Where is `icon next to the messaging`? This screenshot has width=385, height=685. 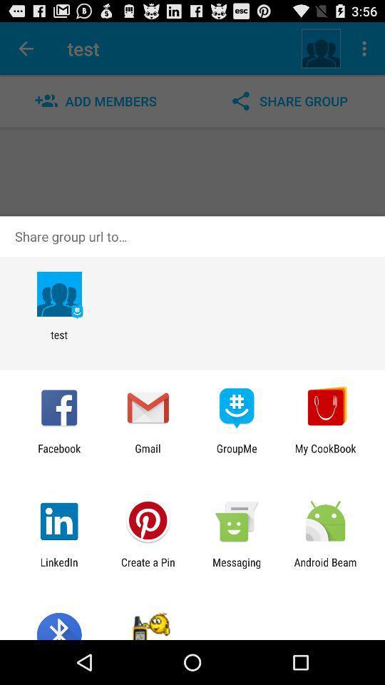 icon next to the messaging is located at coordinates (325, 568).